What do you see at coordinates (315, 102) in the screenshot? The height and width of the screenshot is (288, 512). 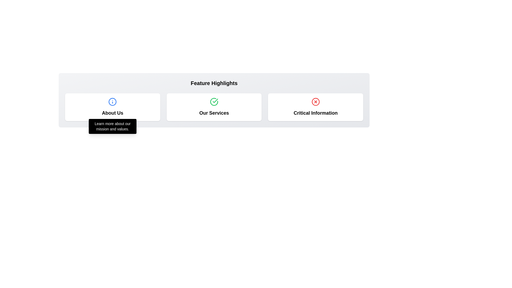 I see `the critical alert icon, which is a red cross symbol located near the 'Critical Information' label in the top-right area of the interface` at bounding box center [315, 102].